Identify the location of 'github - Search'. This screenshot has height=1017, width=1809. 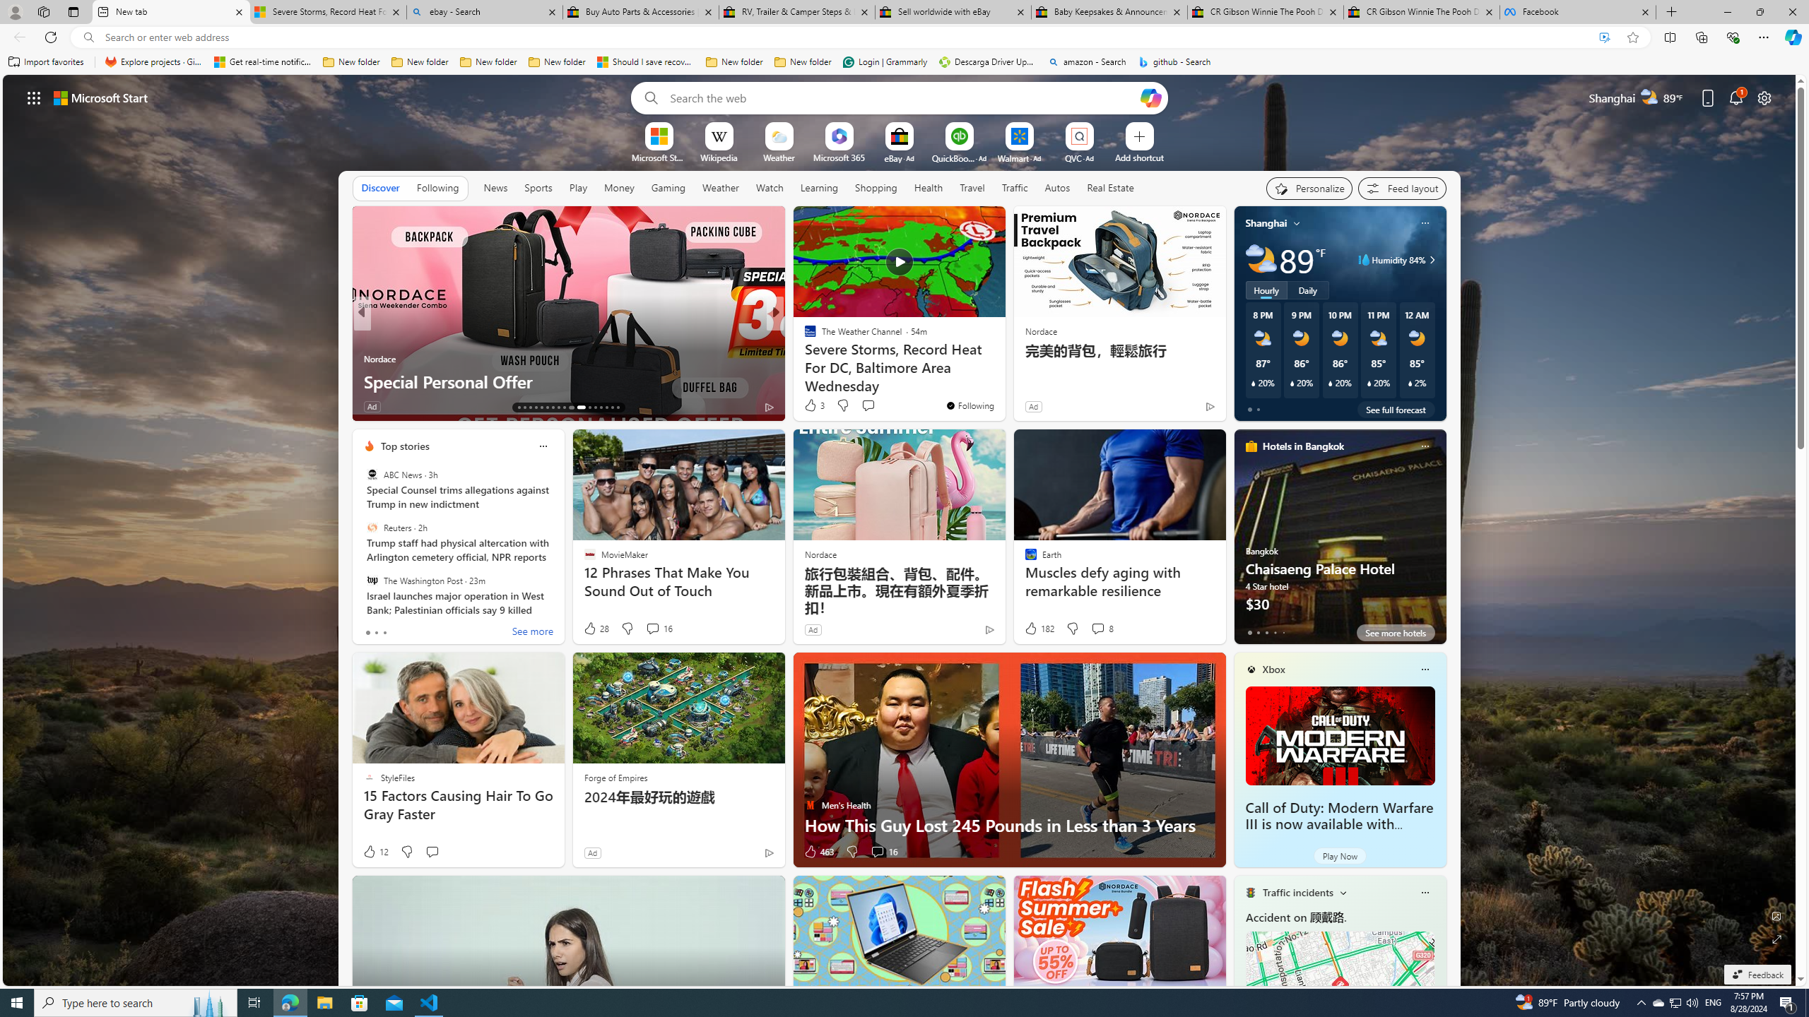
(1174, 61).